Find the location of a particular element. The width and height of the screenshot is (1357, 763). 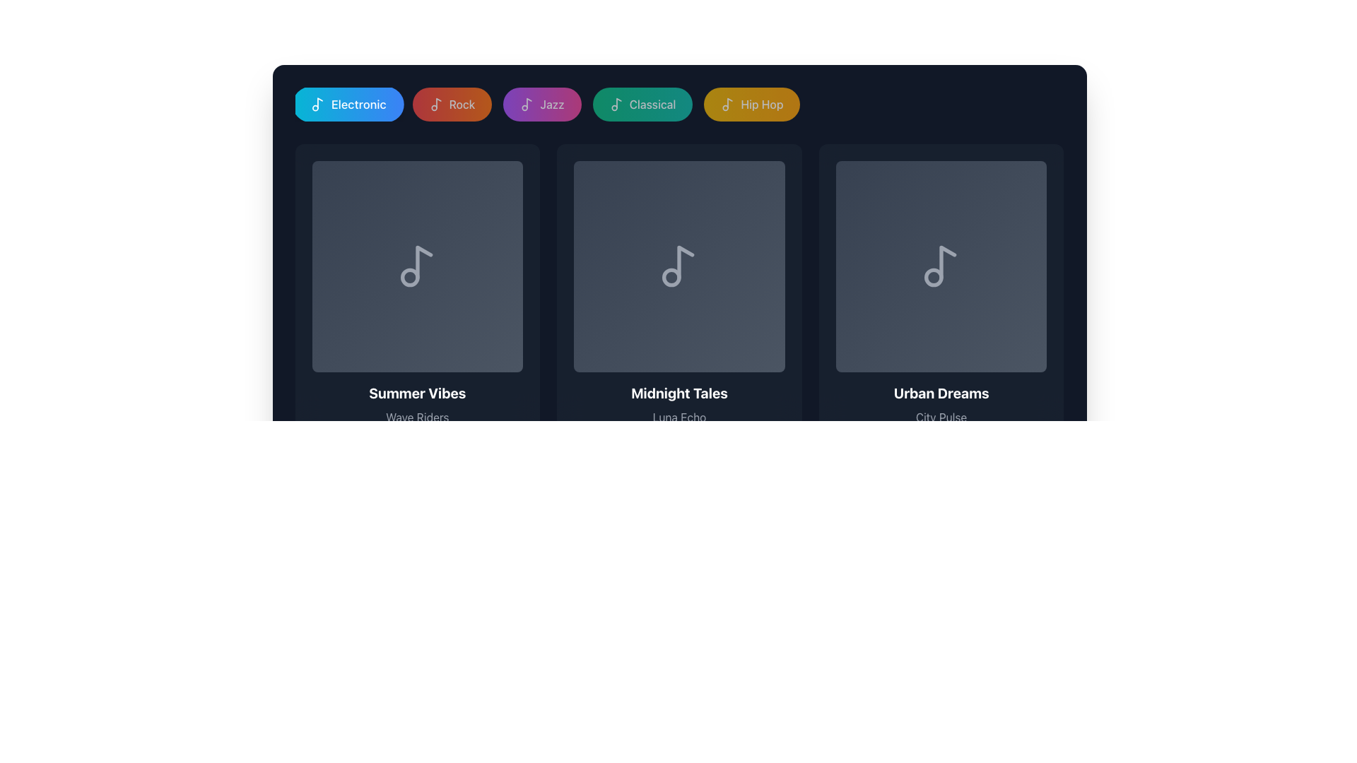

the music-related icon located in the third card of the last row in a horizontally aligned grid of cards is located at coordinates (941, 266).